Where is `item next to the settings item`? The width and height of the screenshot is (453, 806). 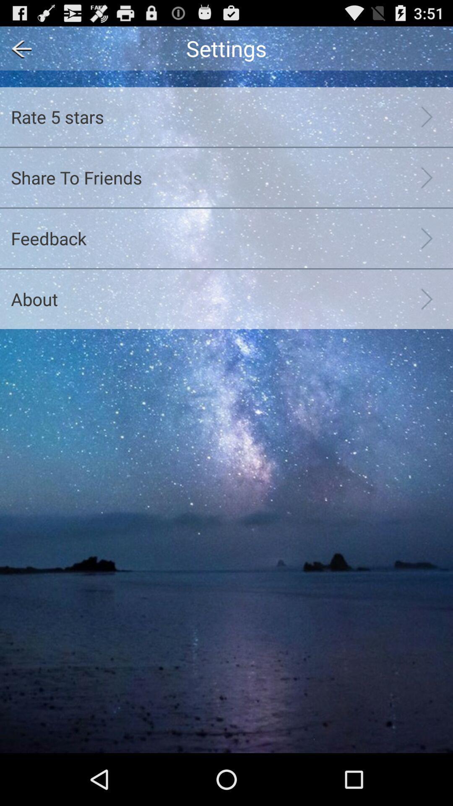
item next to the settings item is located at coordinates (18, 48).